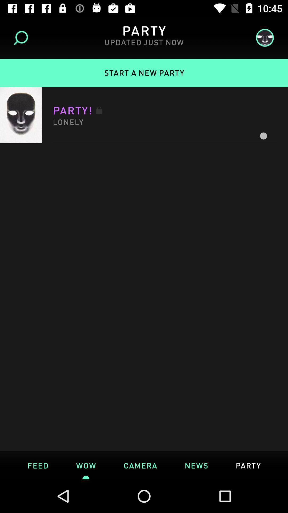 The width and height of the screenshot is (288, 513). Describe the element at coordinates (196, 465) in the screenshot. I see `text news` at that location.